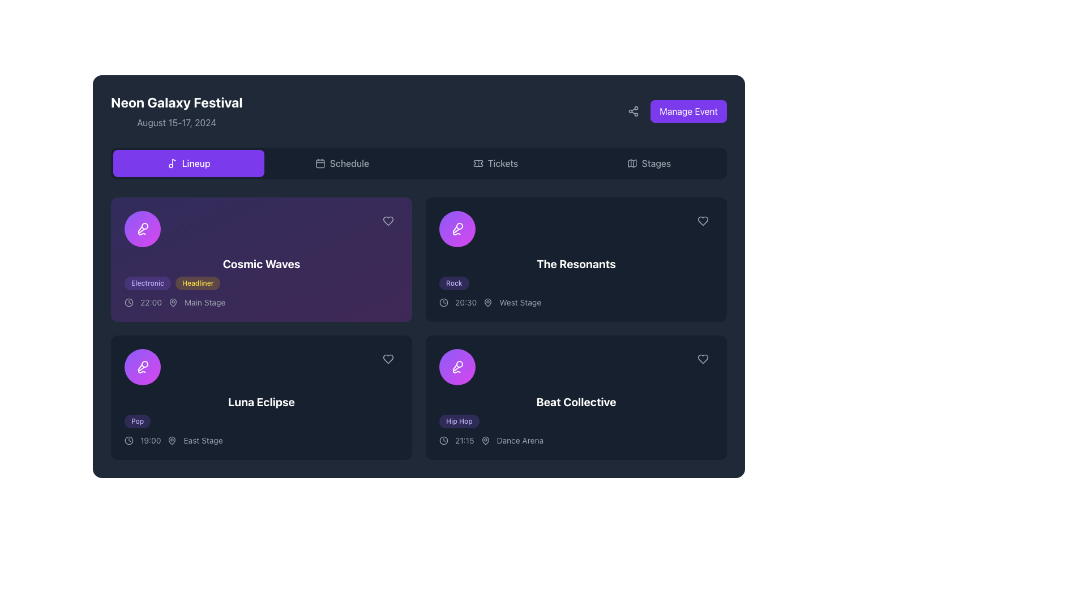  Describe the element at coordinates (478, 163) in the screenshot. I see `the 'Tickets' icon in the top navigation bar` at that location.